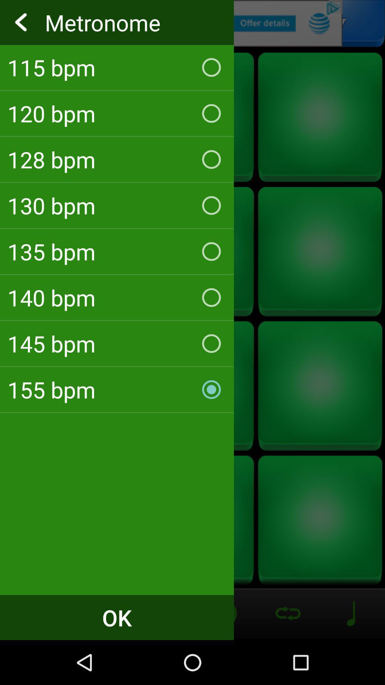 This screenshot has width=385, height=685. I want to click on the 120 bpm icon, so click(117, 113).